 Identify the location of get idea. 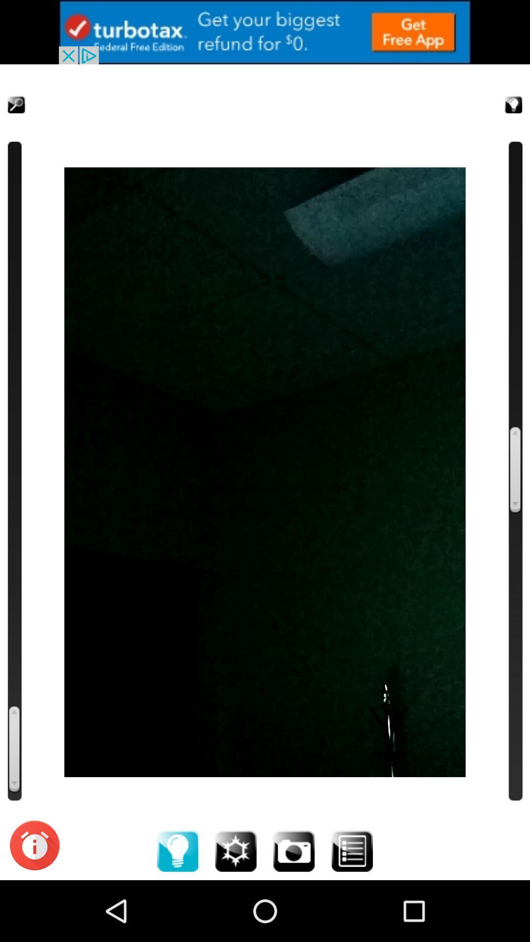
(502, 92).